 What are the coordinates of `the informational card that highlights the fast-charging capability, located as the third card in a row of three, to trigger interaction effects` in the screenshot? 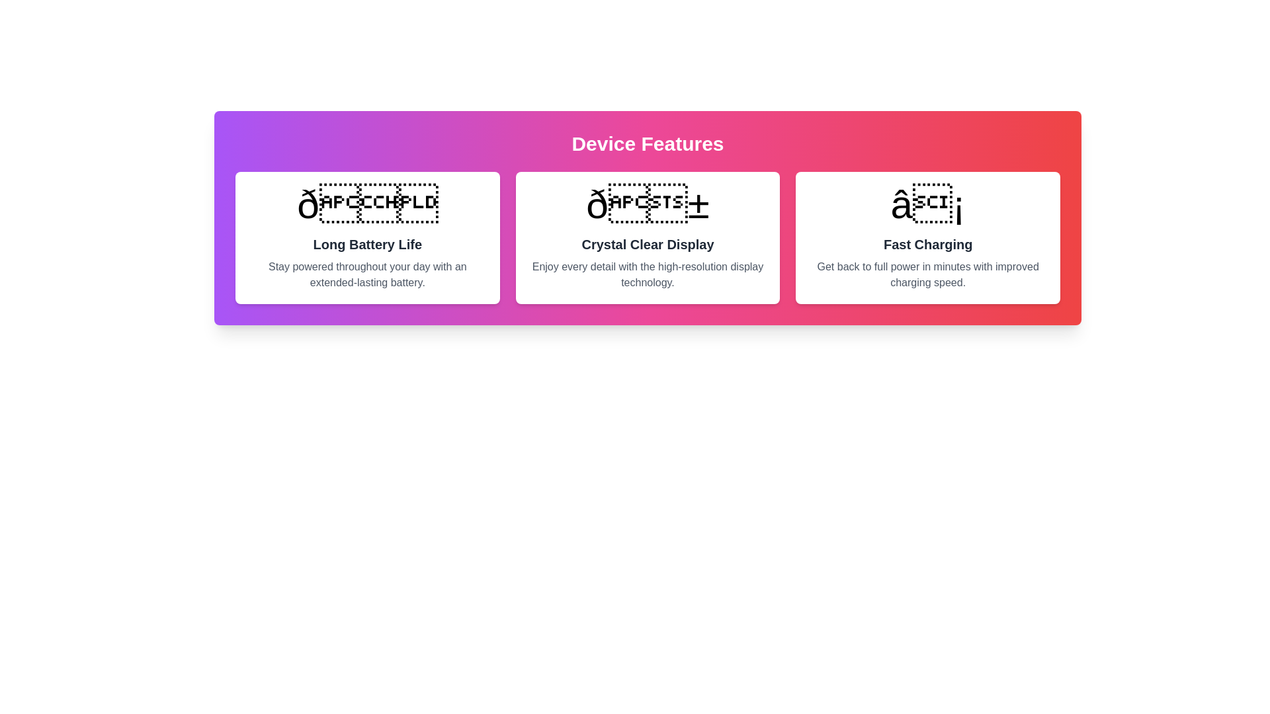 It's located at (927, 237).